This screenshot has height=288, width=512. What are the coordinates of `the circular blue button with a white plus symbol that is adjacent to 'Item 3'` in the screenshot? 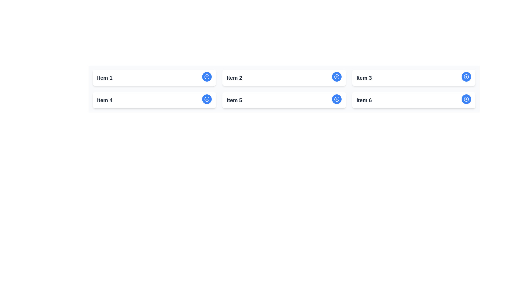 It's located at (336, 77).